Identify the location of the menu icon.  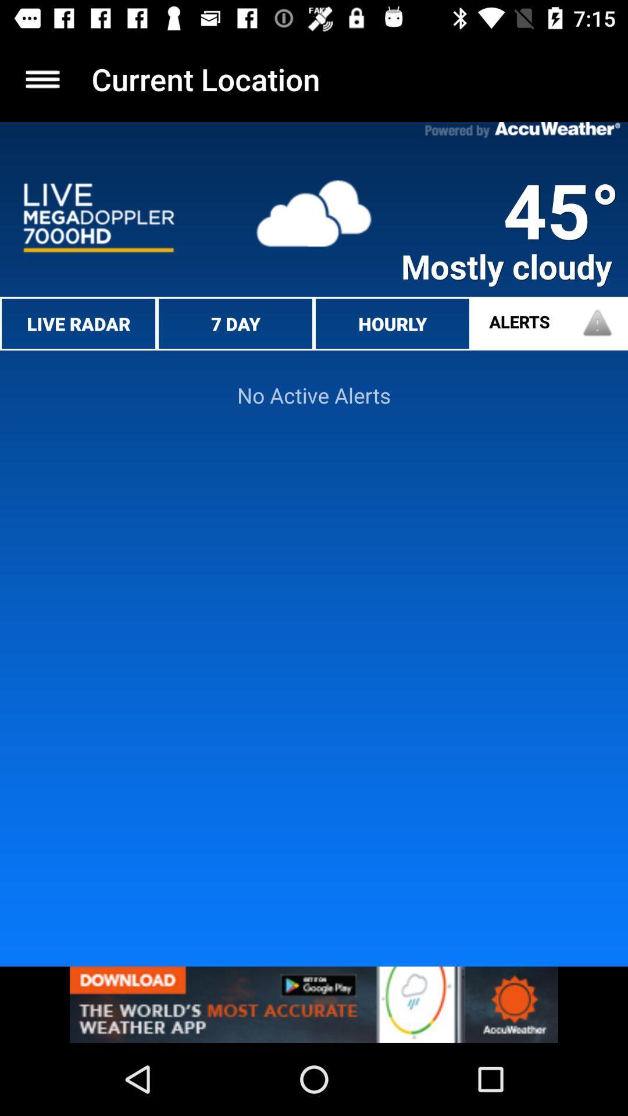
(42, 78).